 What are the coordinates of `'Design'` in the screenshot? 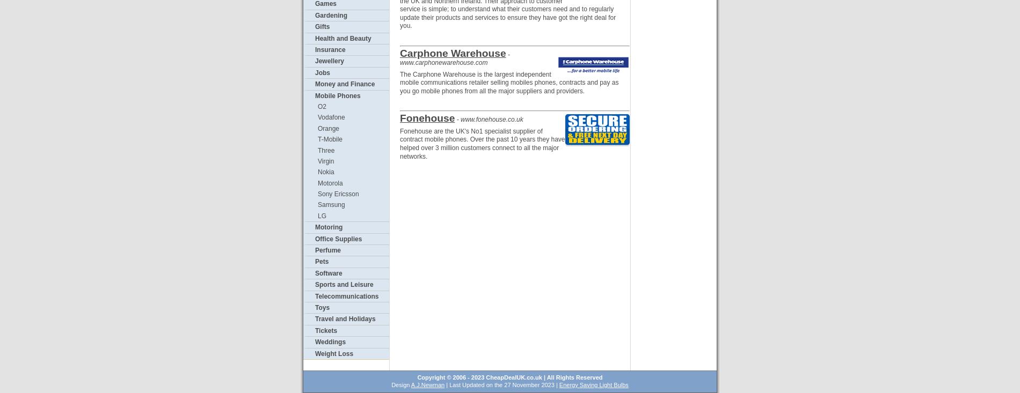 It's located at (400, 384).